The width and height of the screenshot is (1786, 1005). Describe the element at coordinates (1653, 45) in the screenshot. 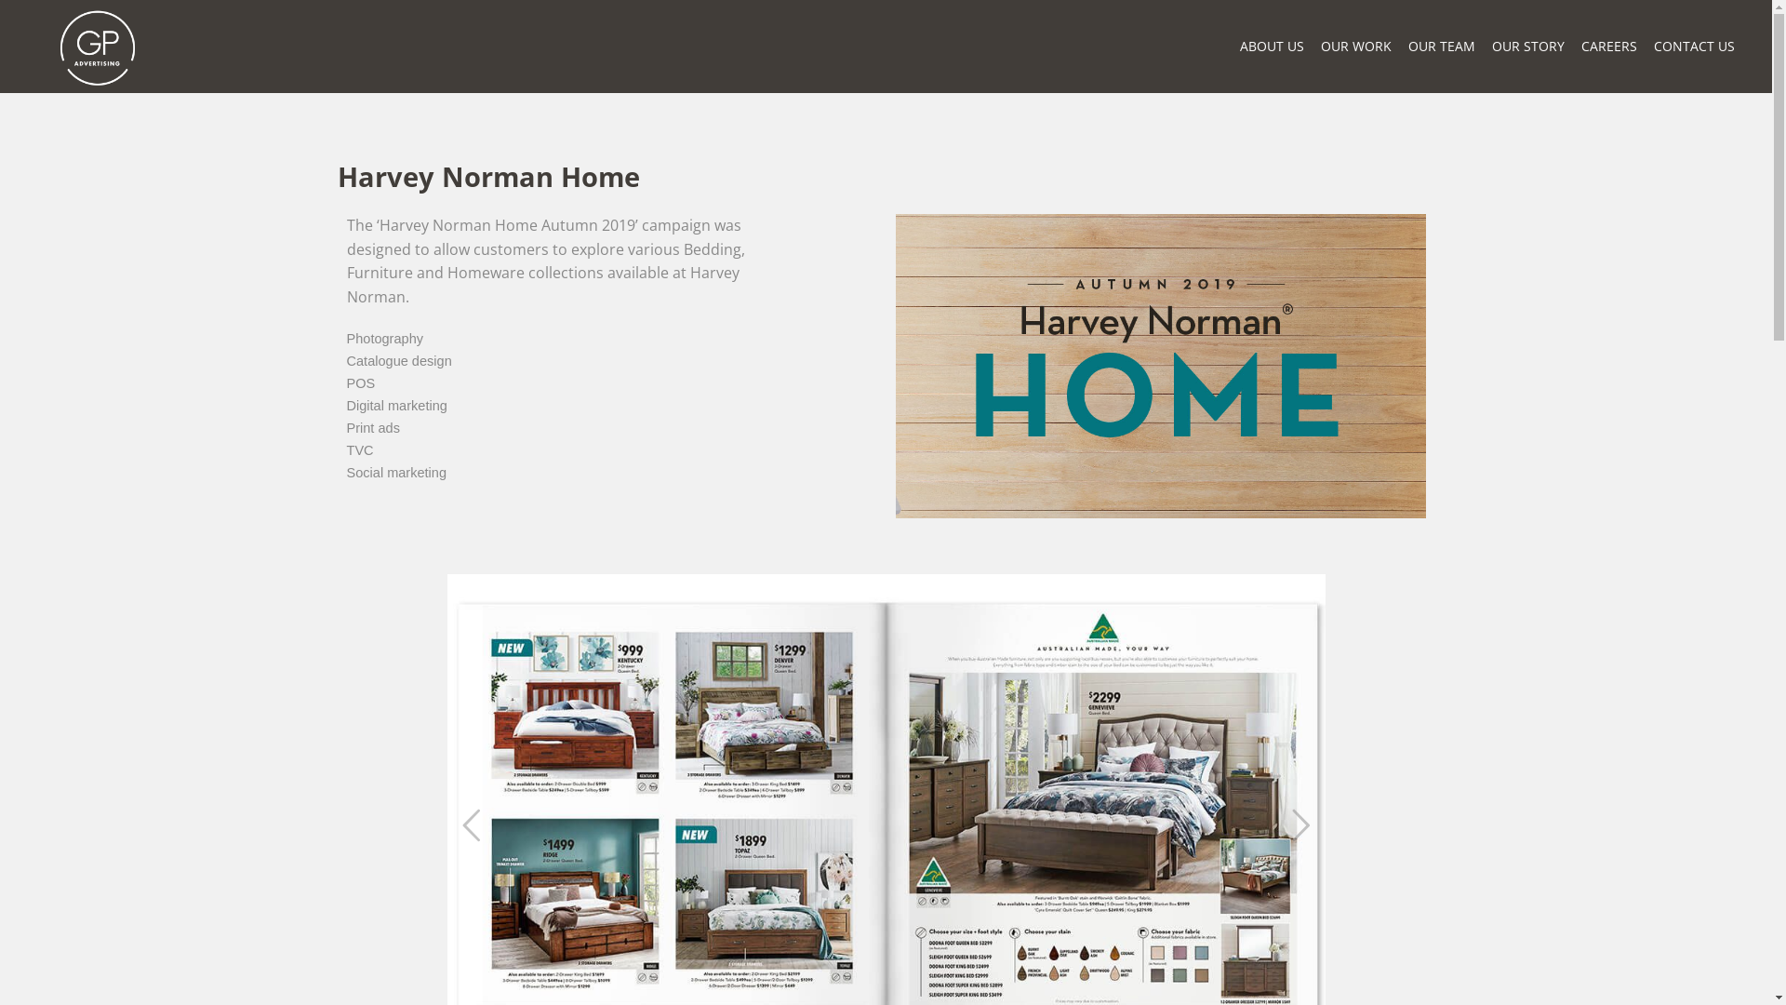

I see `'CONTACT US'` at that location.